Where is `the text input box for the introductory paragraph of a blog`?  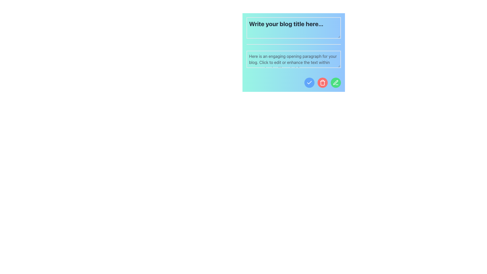 the text input box for the introductory paragraph of a blog is located at coordinates (293, 53).